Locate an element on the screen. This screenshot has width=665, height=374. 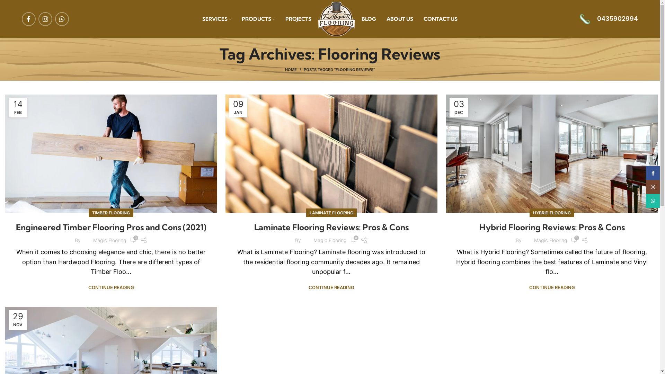
'09 is located at coordinates (238, 108).